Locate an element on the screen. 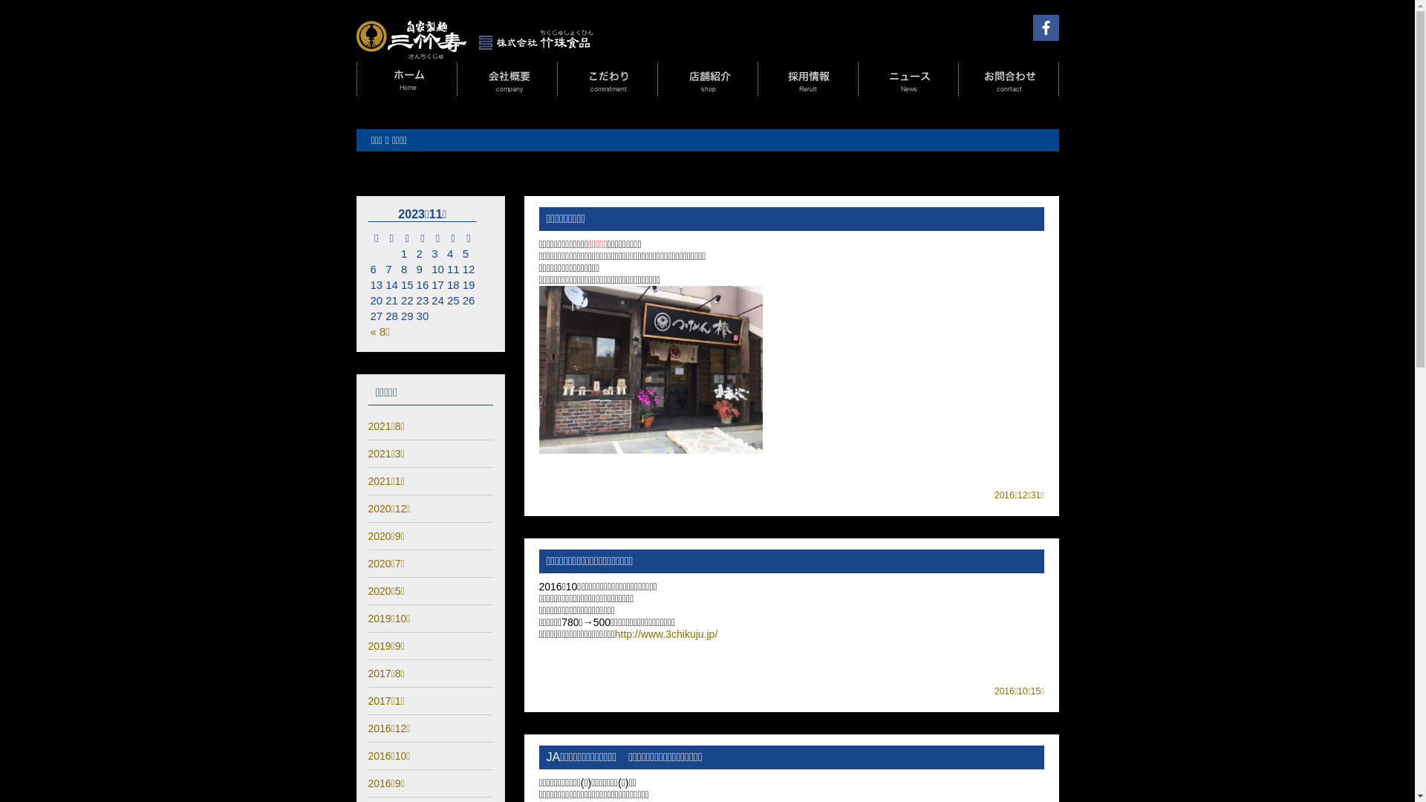 This screenshot has height=802, width=1426. 'http://www.3chikuju.jp/' is located at coordinates (615, 633).